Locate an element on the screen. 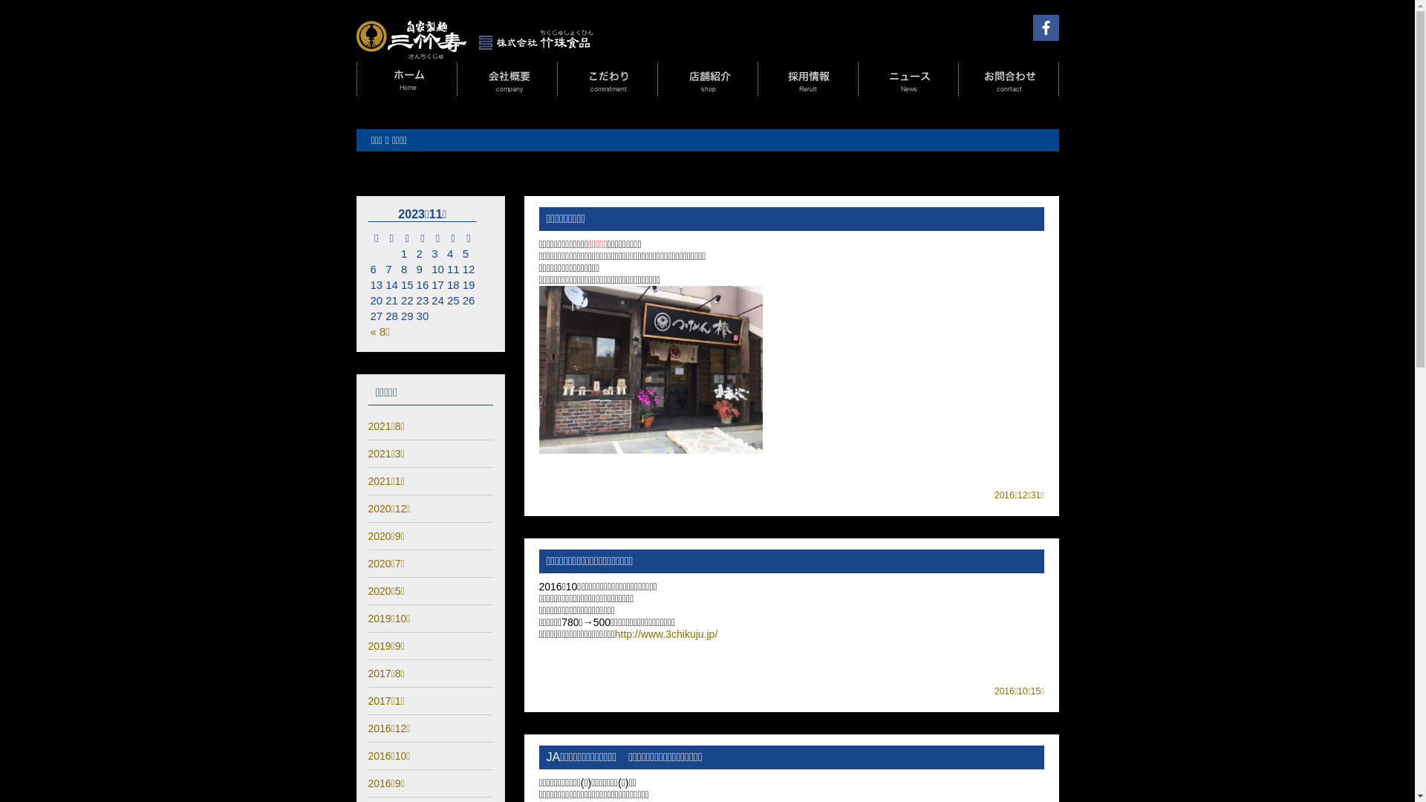 This screenshot has height=802, width=1426. 'http://www.3chikuju.jp/' is located at coordinates (615, 633).